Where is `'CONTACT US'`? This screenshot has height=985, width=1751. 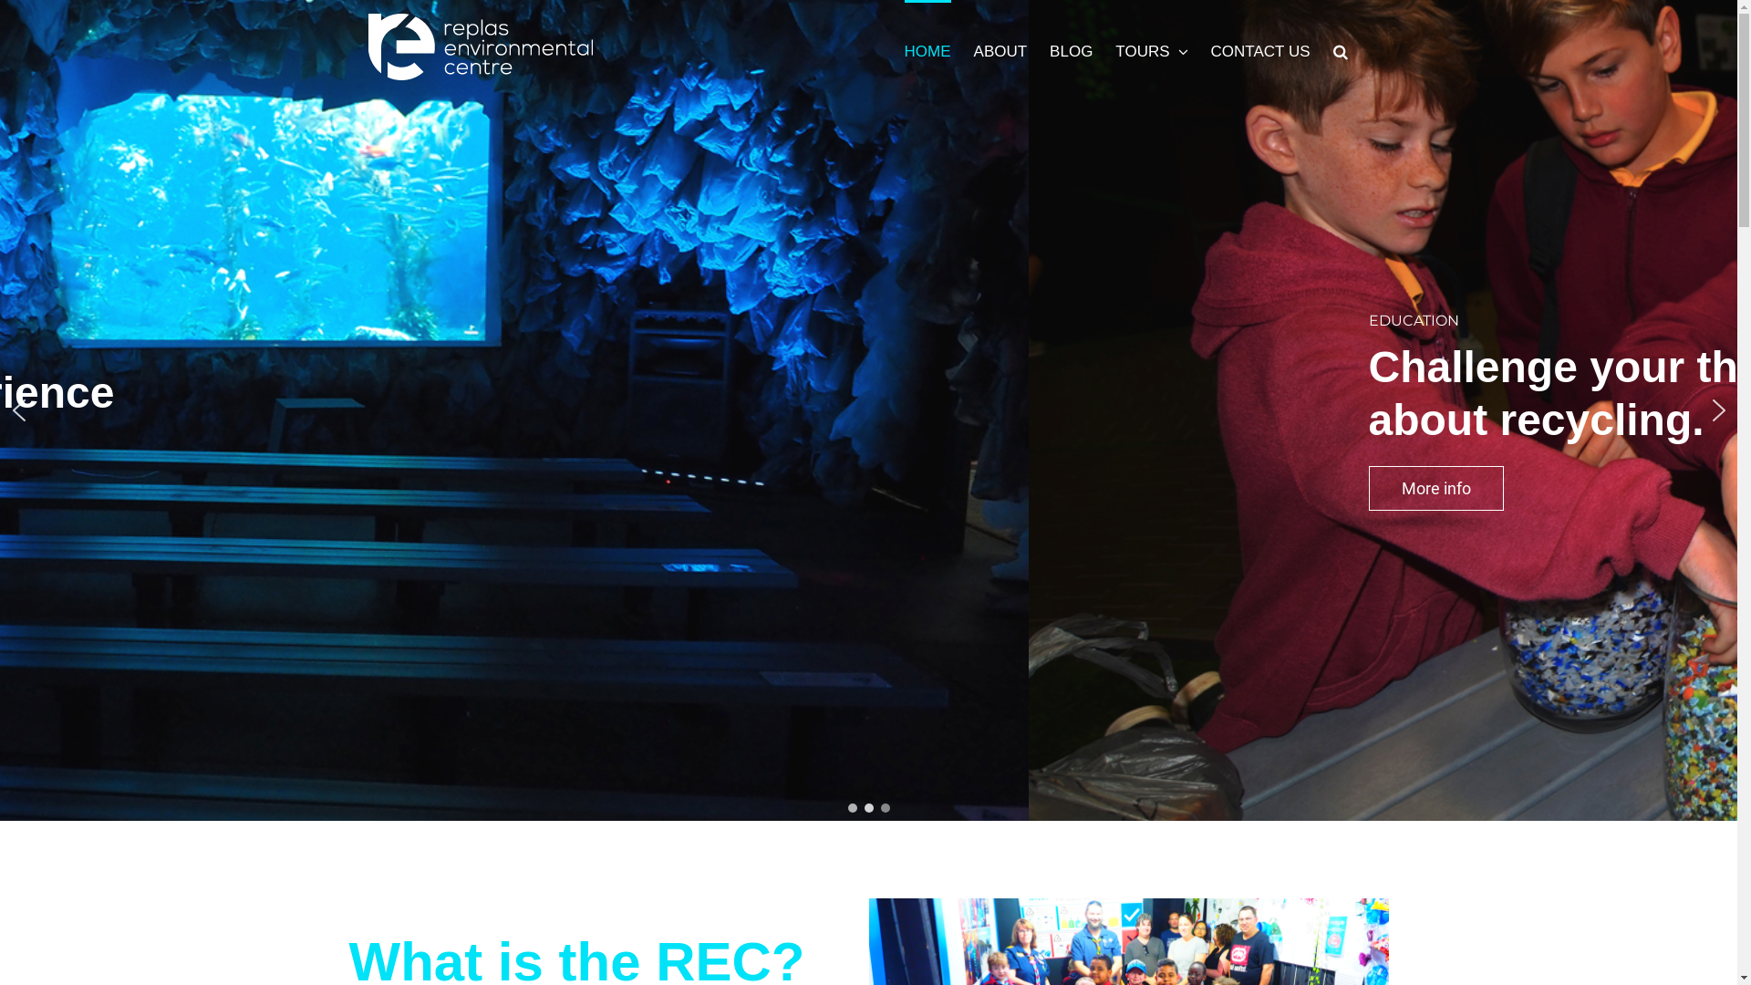
'CONTACT US' is located at coordinates (1259, 48).